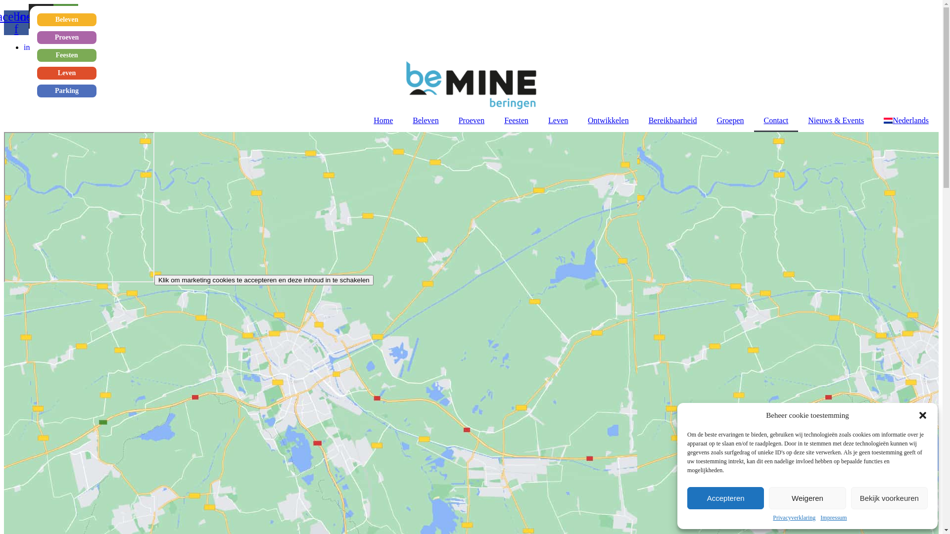 The width and height of the screenshot is (950, 534). What do you see at coordinates (889, 498) in the screenshot?
I see `'Bekijk voorkeuren'` at bounding box center [889, 498].